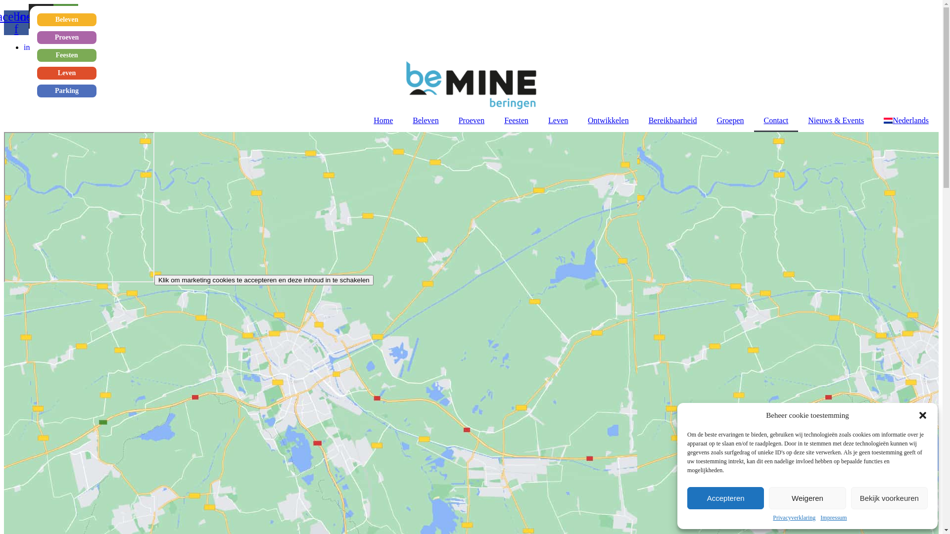 The width and height of the screenshot is (950, 534). What do you see at coordinates (889, 498) in the screenshot?
I see `'Bekijk voorkeuren'` at bounding box center [889, 498].